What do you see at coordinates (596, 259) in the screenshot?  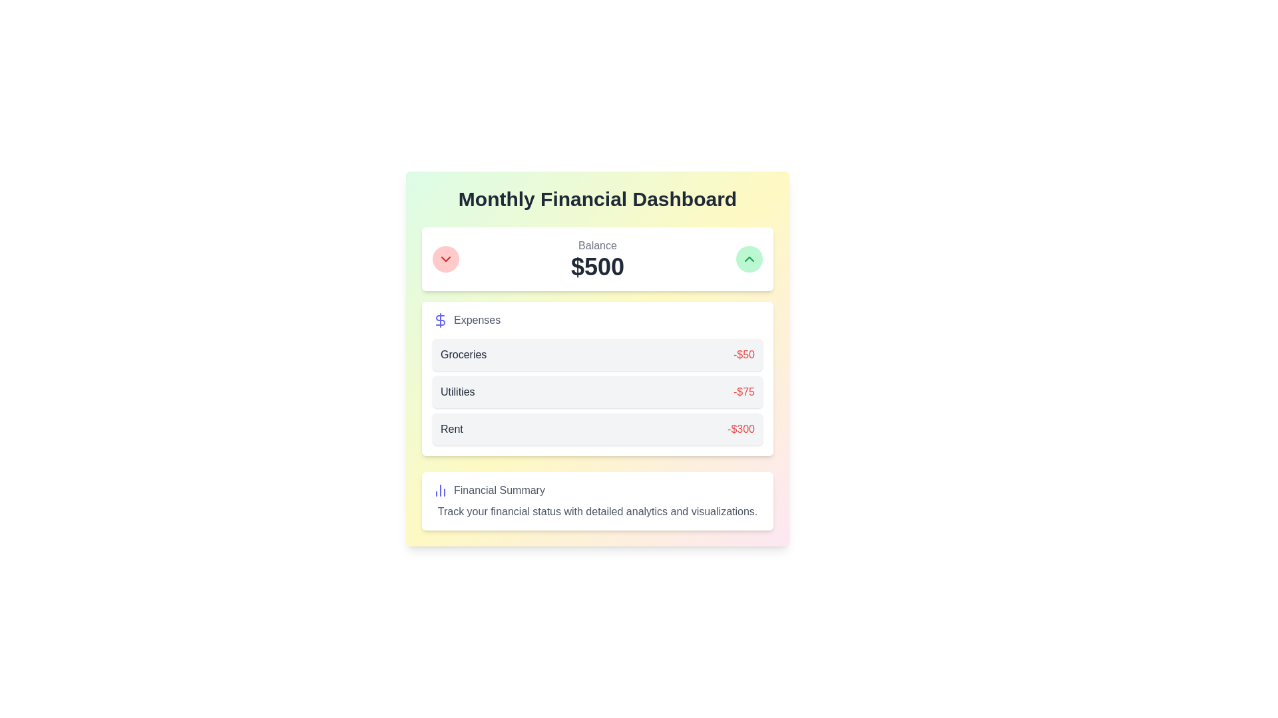 I see `the Text Display element that shows the current balance amount ('$500') in the financial dashboard interface, centrally positioned within the white card section` at bounding box center [596, 259].